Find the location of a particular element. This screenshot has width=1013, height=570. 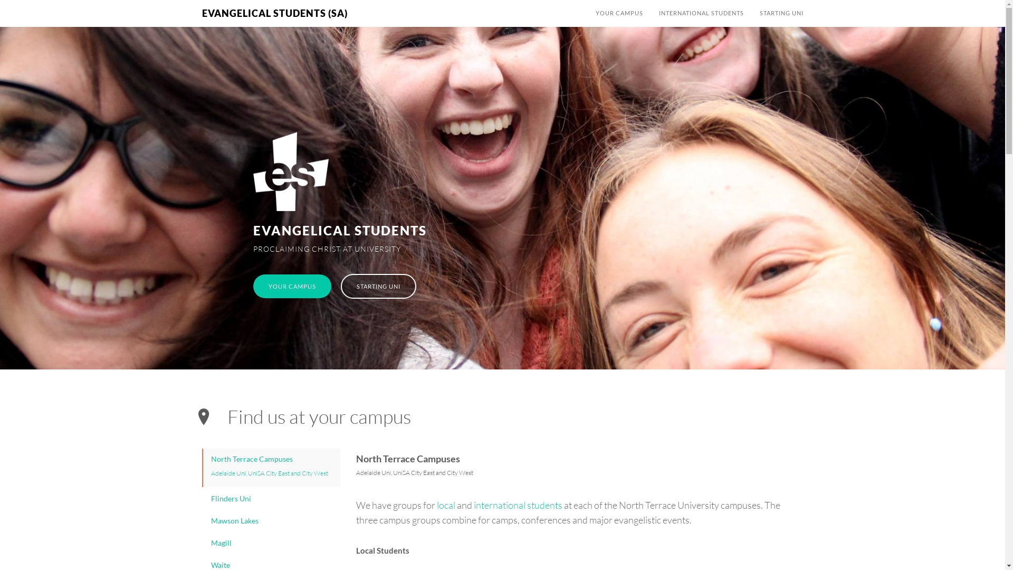

'local' is located at coordinates (446, 504).